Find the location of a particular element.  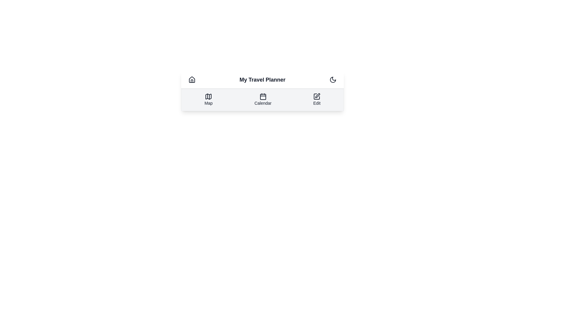

the Edit button to navigate to the corresponding section is located at coordinates (316, 99).